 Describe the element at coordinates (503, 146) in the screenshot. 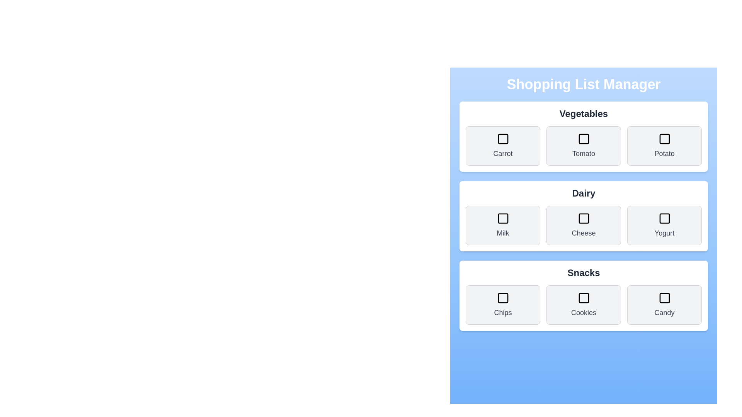

I see `the item Carrot to observe the hover effect` at that location.